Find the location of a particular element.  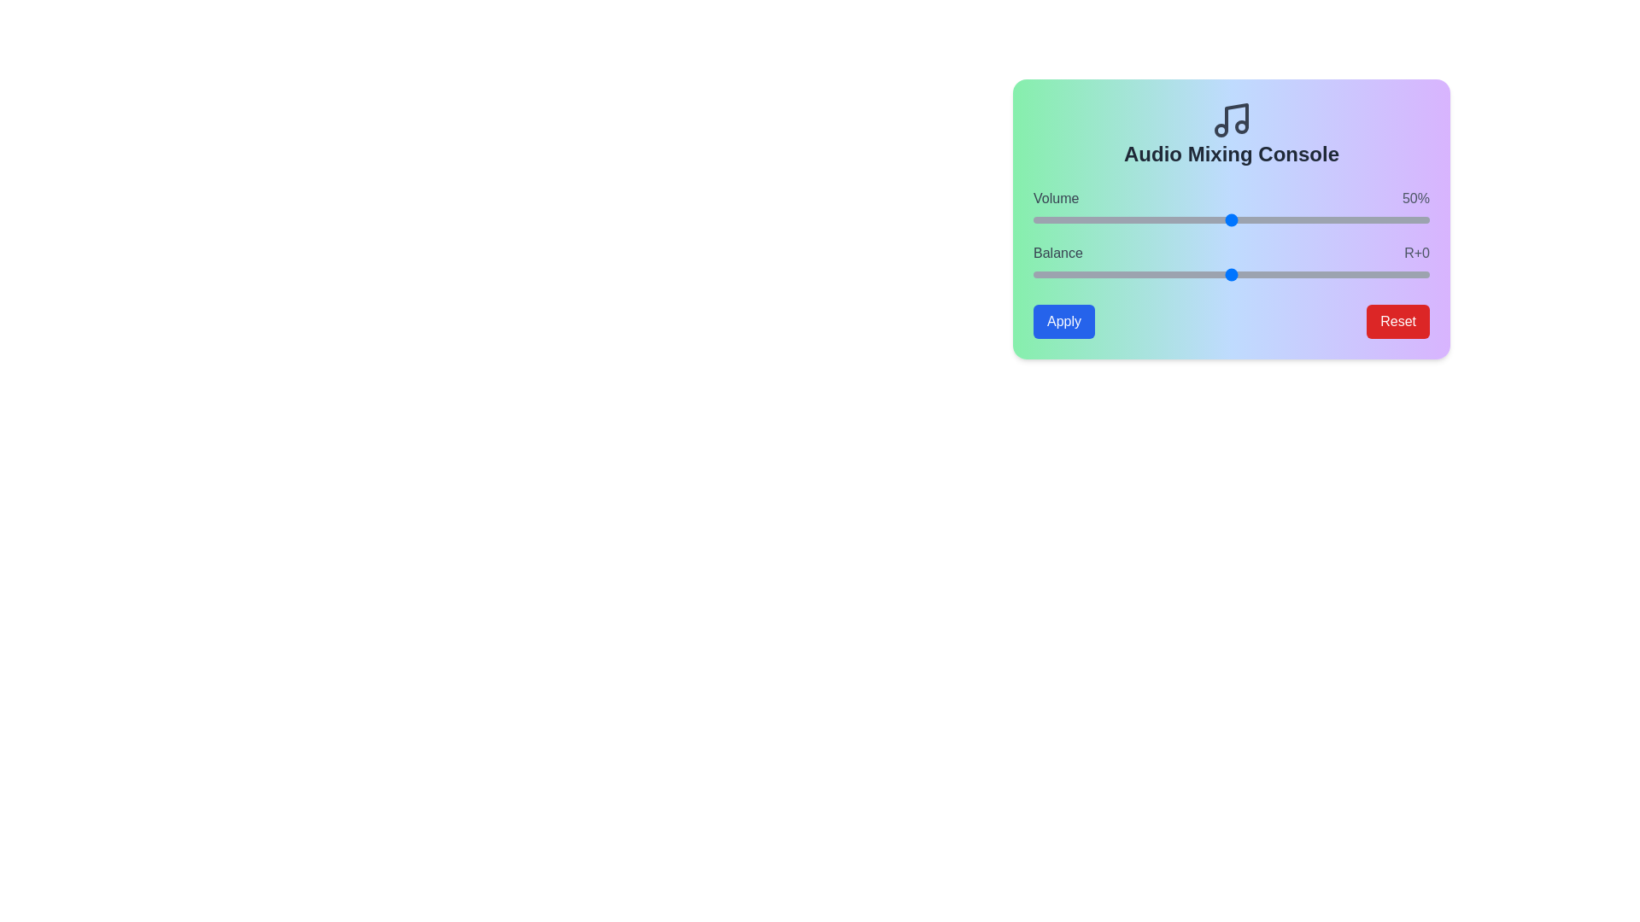

the text label reading 'R+0', which is styled in gray and positioned to the right of the 'Balance' slider is located at coordinates (1417, 254).